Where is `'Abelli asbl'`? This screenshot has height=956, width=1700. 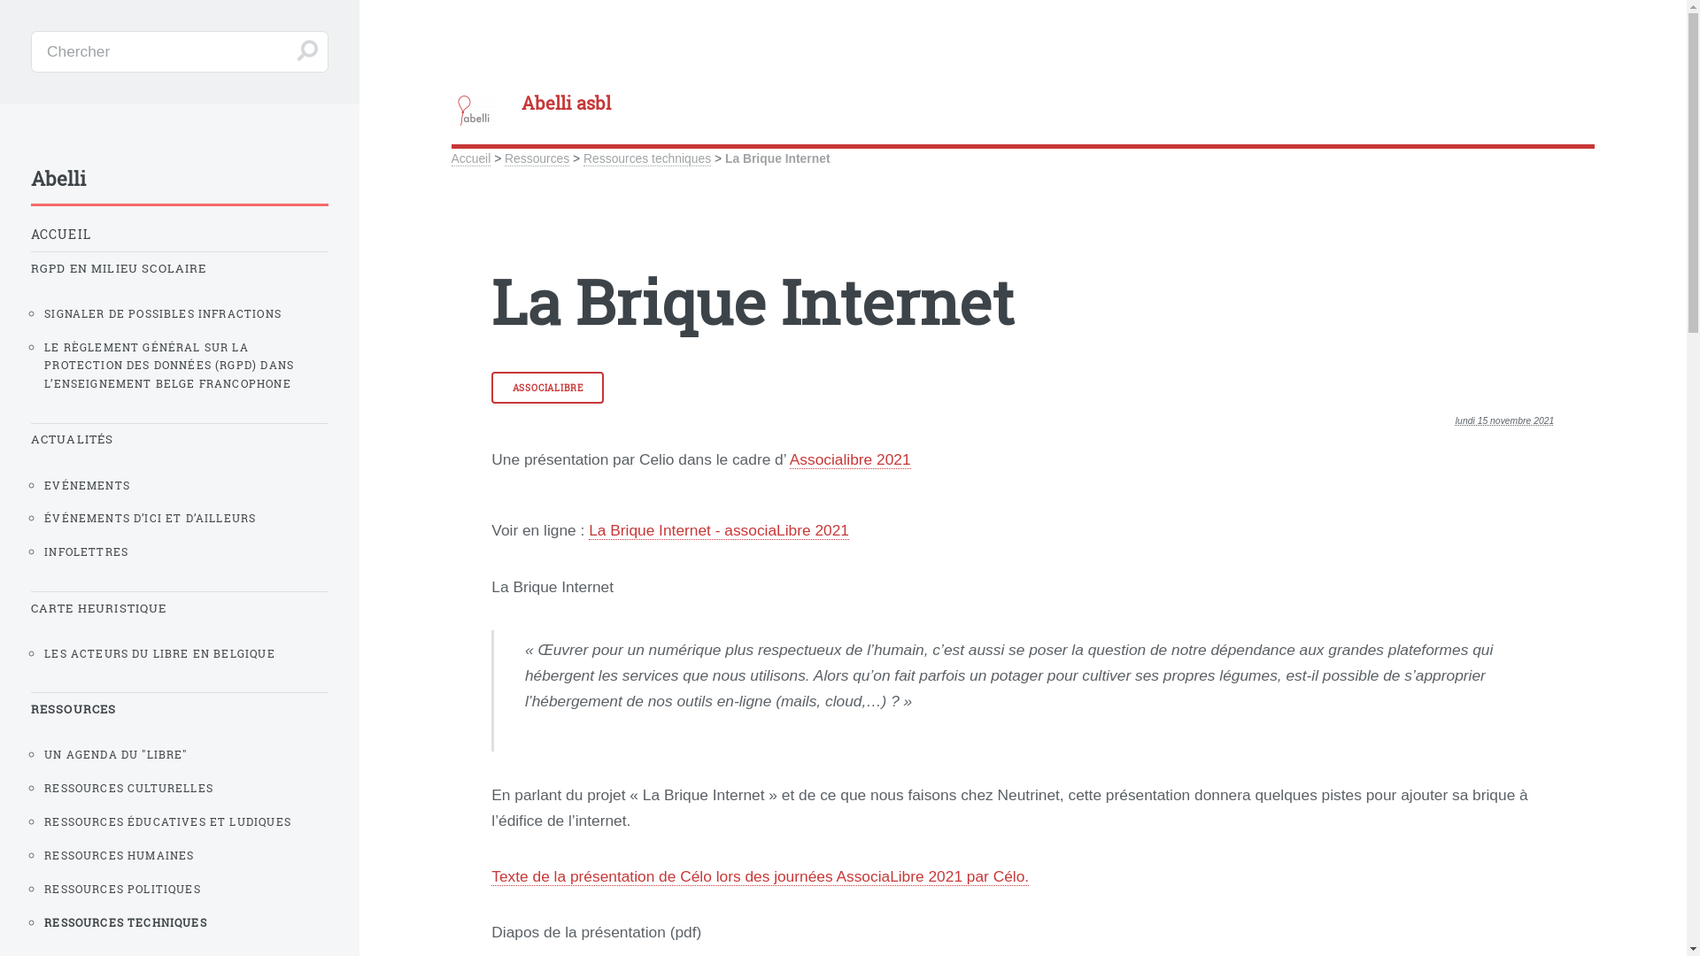
'Abelli asbl' is located at coordinates (451, 103).